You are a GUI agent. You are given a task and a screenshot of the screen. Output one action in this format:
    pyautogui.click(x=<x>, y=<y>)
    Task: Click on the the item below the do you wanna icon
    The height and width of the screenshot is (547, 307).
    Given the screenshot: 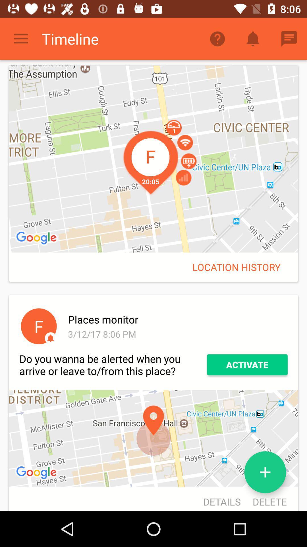 What is the action you would take?
    pyautogui.click(x=37, y=473)
    